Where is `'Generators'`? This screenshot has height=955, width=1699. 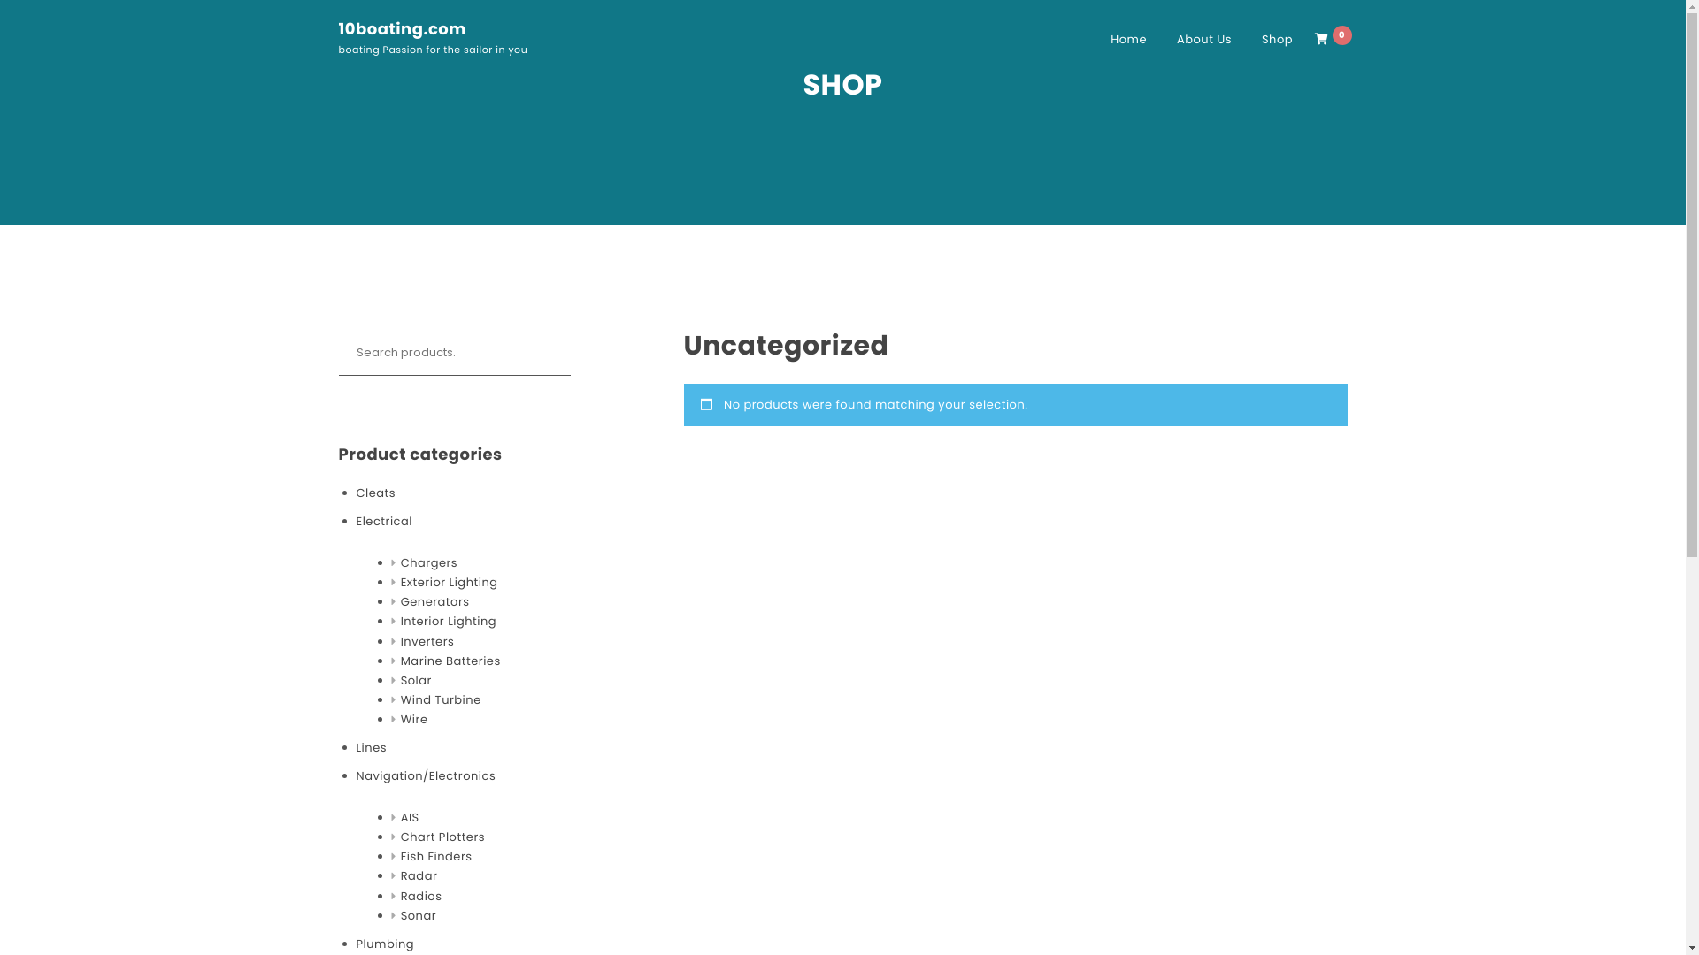
'Generators' is located at coordinates (399, 601).